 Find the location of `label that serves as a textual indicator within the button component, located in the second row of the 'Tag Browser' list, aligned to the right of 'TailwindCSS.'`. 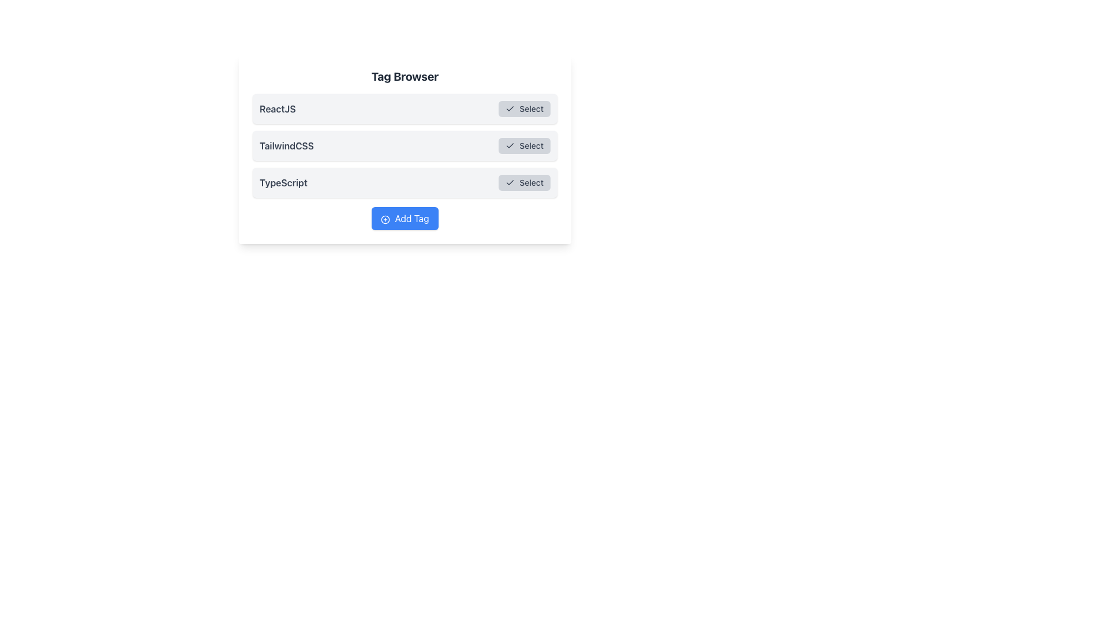

label that serves as a textual indicator within the button component, located in the second row of the 'Tag Browser' list, aligned to the right of 'TailwindCSS.' is located at coordinates (531, 145).